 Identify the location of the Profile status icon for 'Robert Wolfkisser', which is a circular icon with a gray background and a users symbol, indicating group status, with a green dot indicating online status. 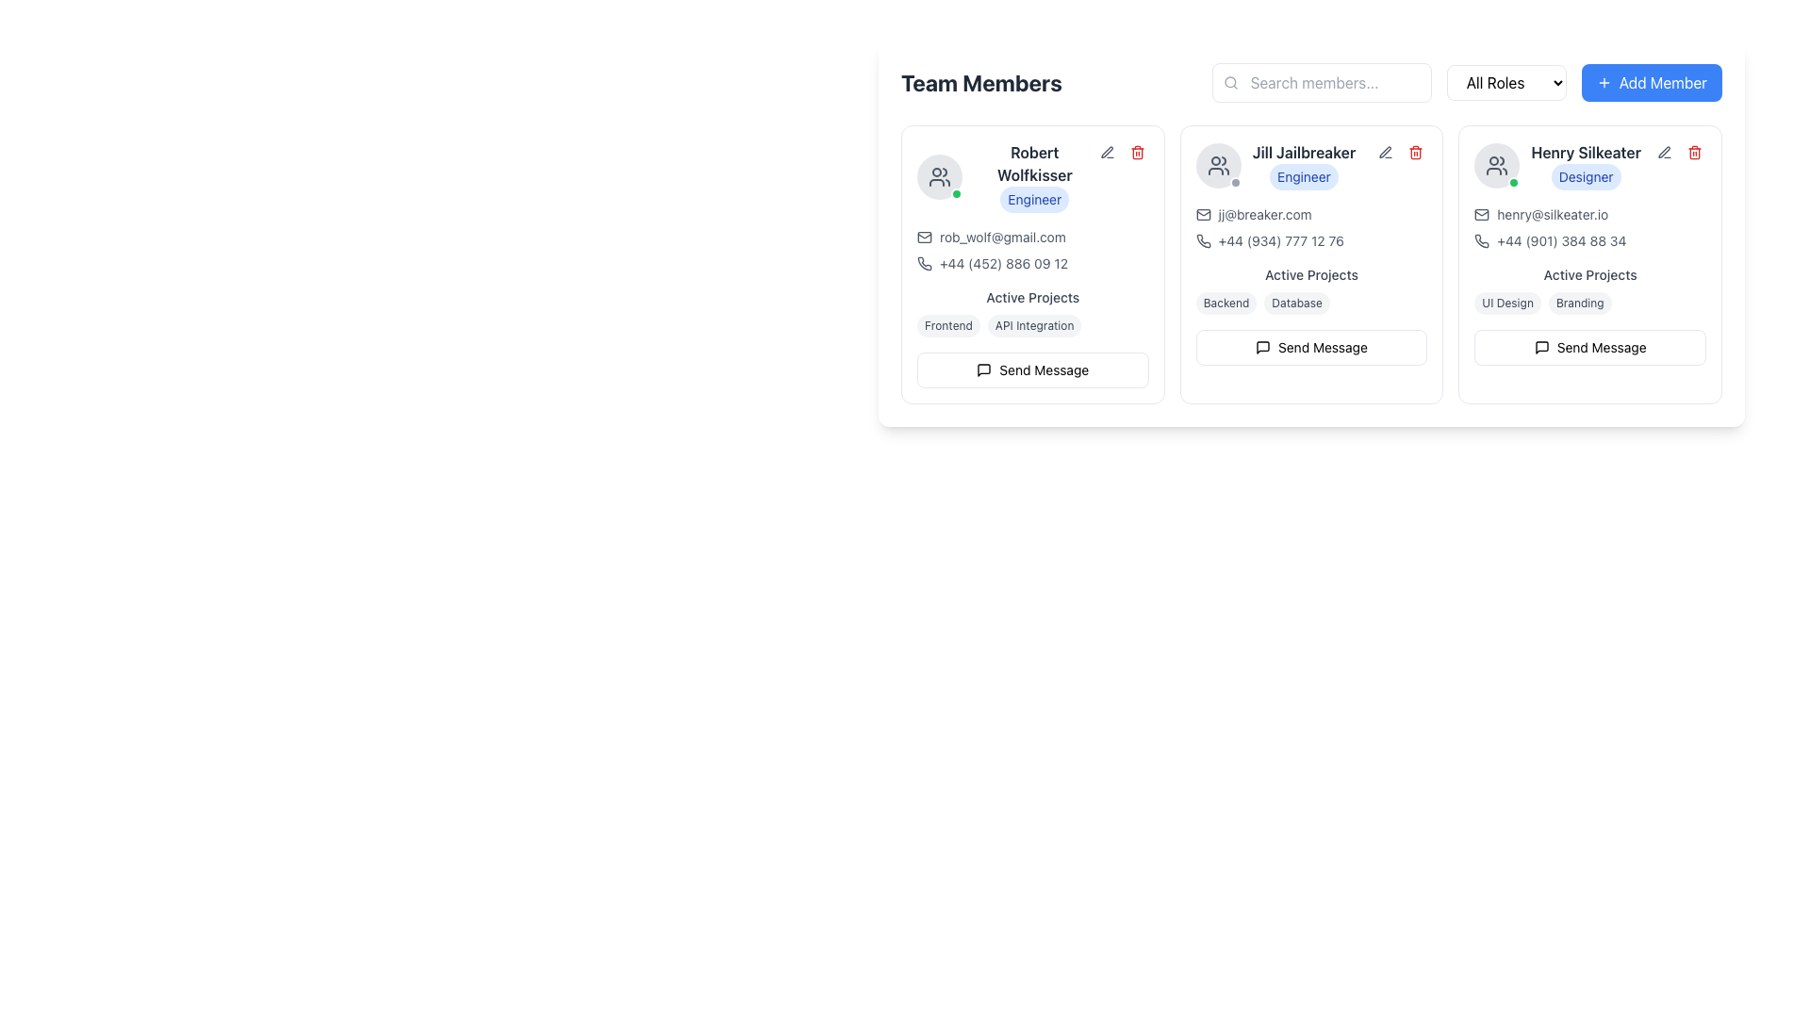
(940, 177).